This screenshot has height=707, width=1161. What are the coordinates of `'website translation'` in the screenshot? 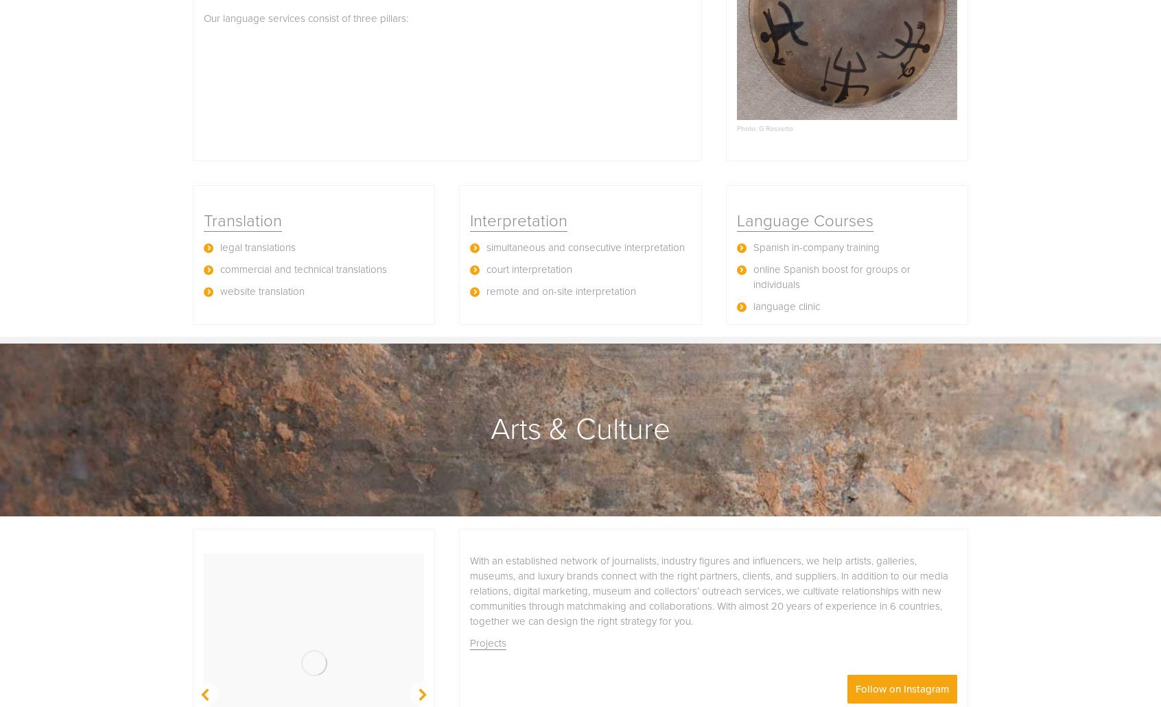 It's located at (262, 291).